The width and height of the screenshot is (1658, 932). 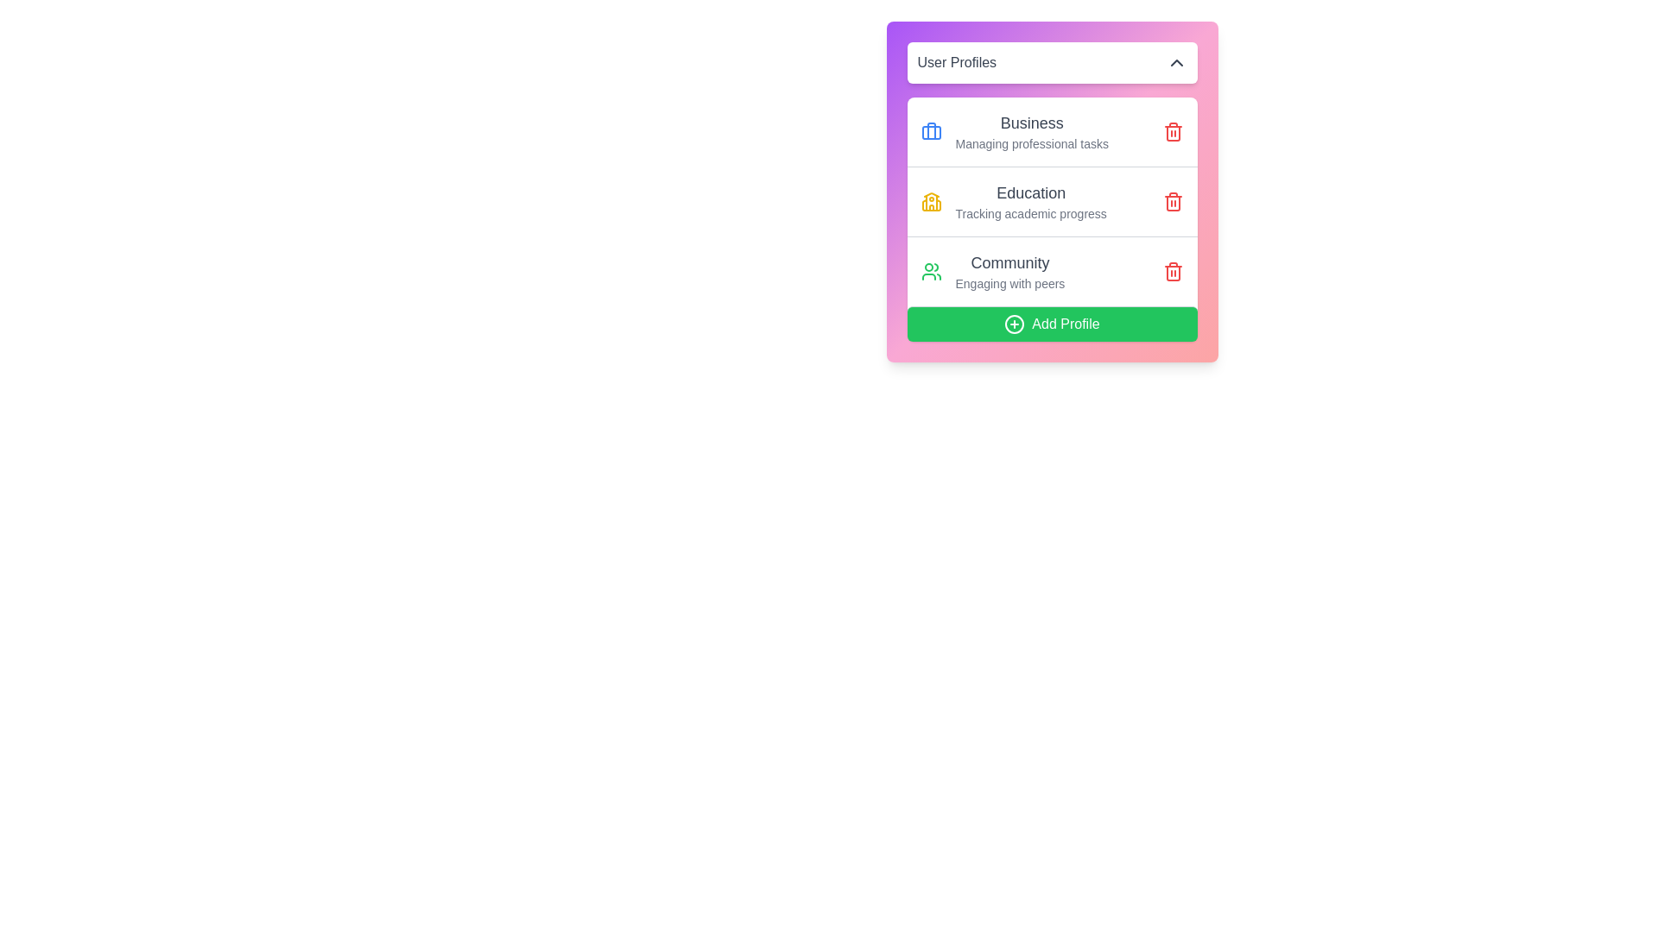 I want to click on the 'Education' text label, which is the title of the second entry in the user profiles list, visually aligned to the left and positioned between 'Business' and 'Community', so click(x=1031, y=192).